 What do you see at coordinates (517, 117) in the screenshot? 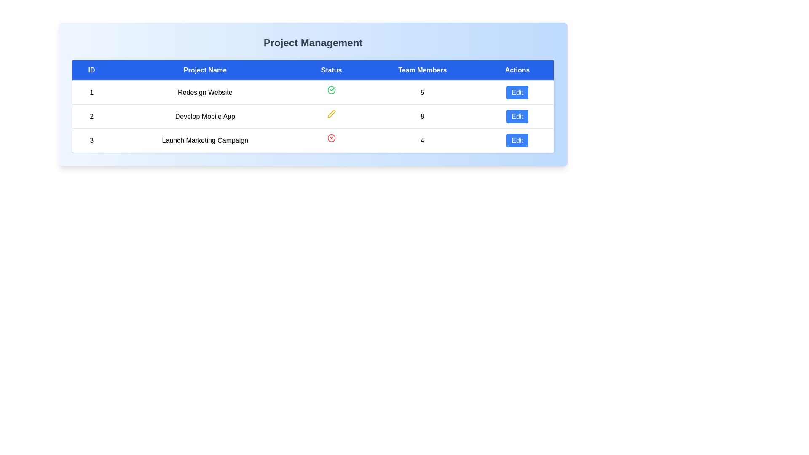
I see `the 'Edit' button for the project with ID 2` at bounding box center [517, 117].